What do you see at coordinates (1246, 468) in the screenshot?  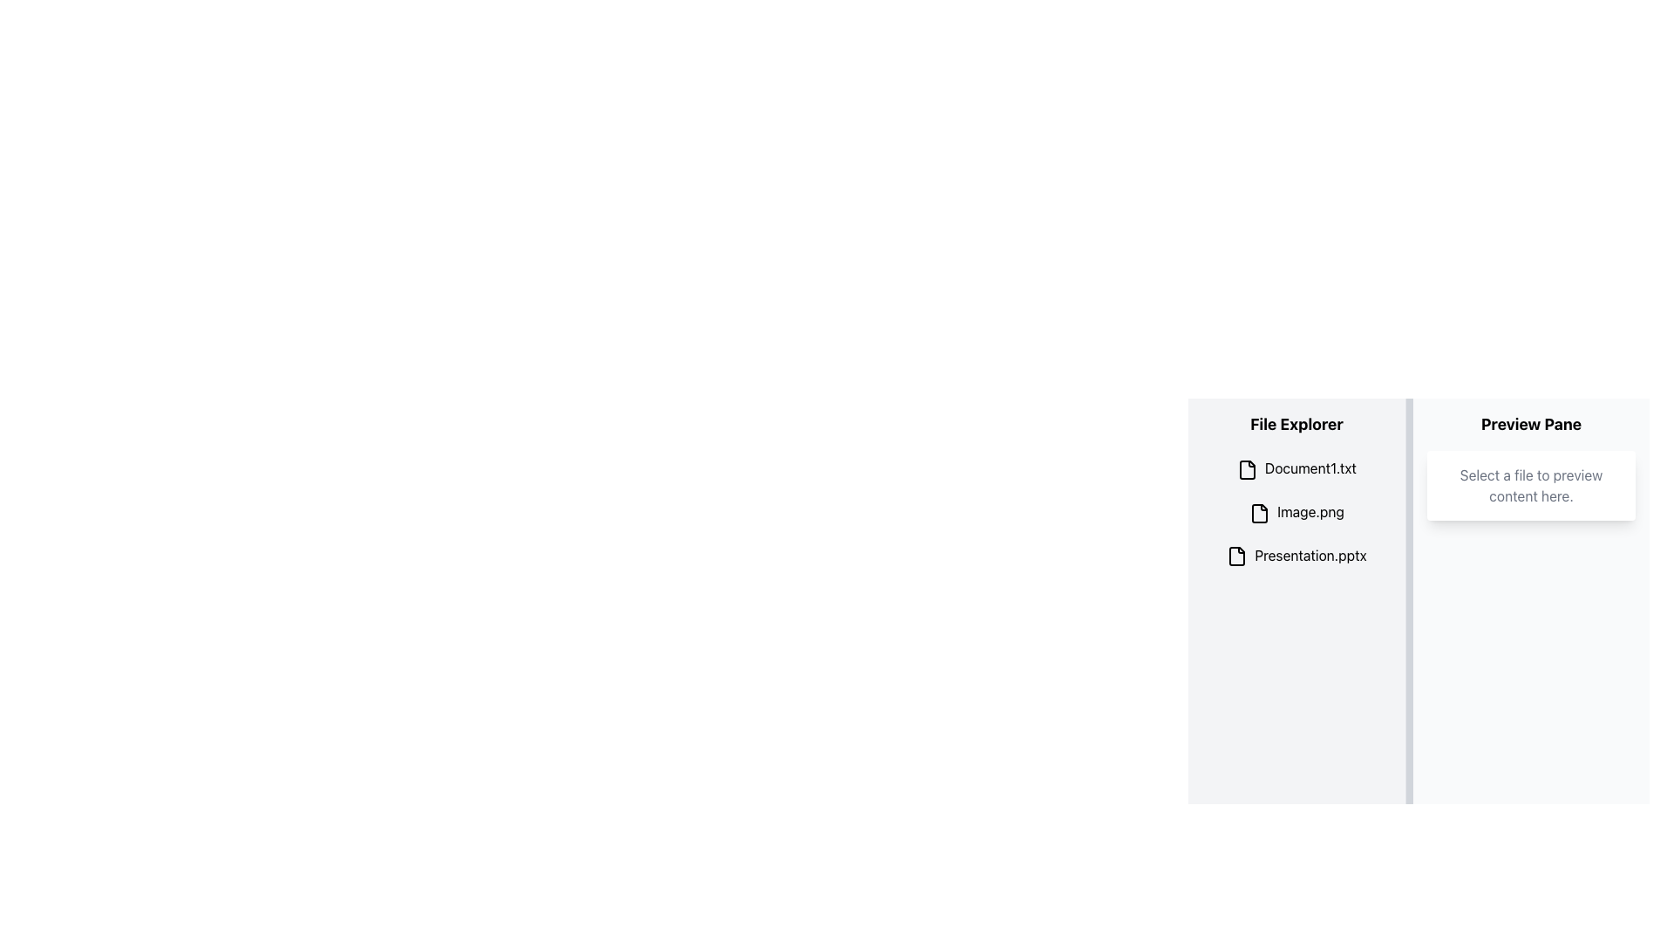 I see `the file icon resembling a document sheet, which is the first icon in the File Explorer list, located to the left of 'Document1.txt'` at bounding box center [1246, 468].